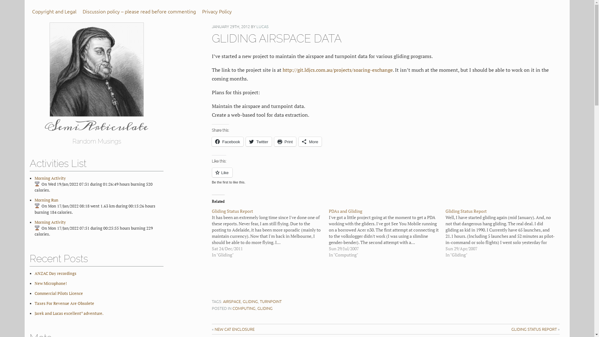 The image size is (599, 337). Describe the element at coordinates (232, 211) in the screenshot. I see `'Gliding Status Report'` at that location.